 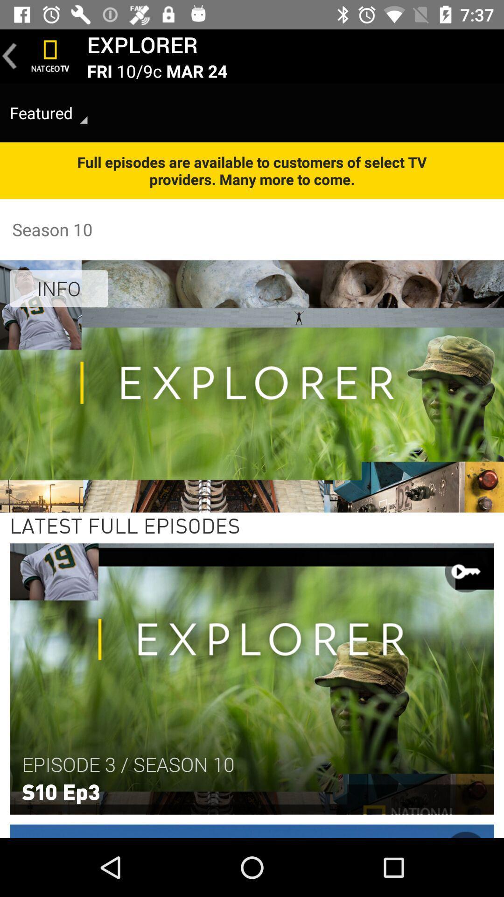 What do you see at coordinates (61, 790) in the screenshot?
I see `the item below the episode 3 season item` at bounding box center [61, 790].